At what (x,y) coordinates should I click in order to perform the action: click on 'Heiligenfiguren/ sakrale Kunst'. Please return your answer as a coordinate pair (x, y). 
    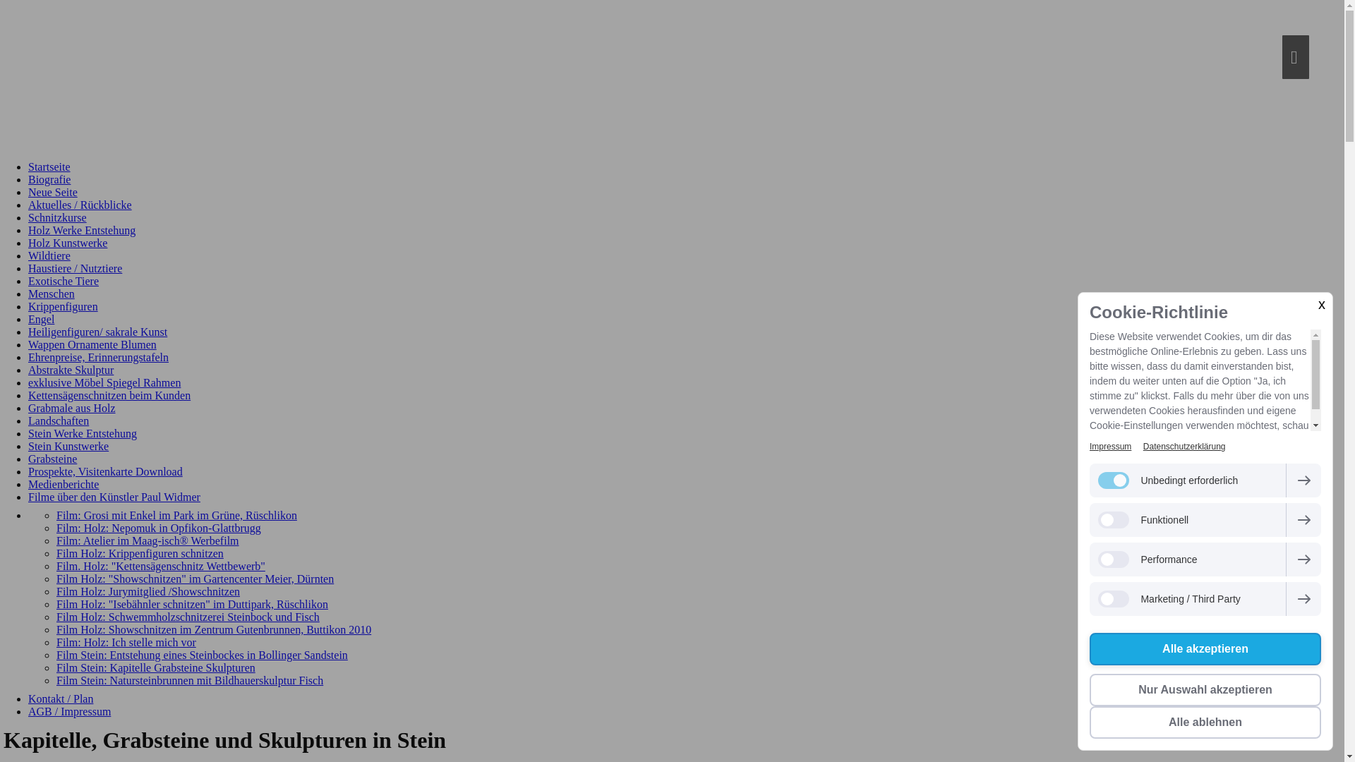
    Looking at the image, I should click on (97, 332).